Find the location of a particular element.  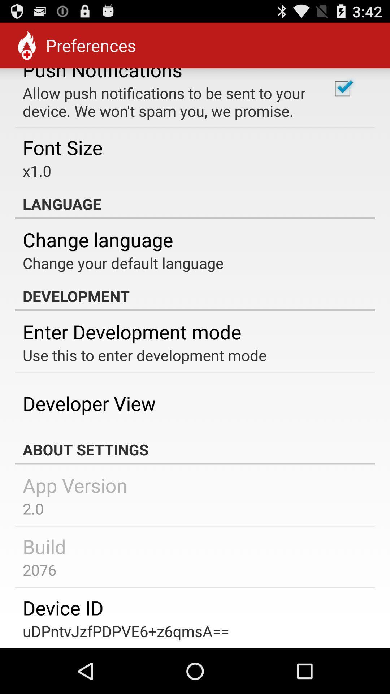

the app to the right of allow push notifications app is located at coordinates (342, 88).